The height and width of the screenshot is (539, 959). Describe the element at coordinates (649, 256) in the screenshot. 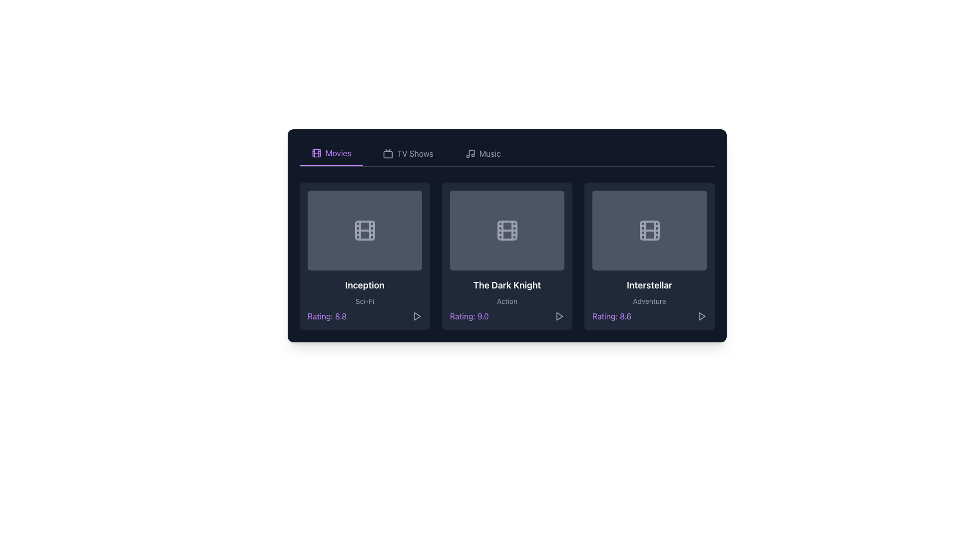

I see `the third movie card in the 'Movies' section, which displays the movie's title, genre, and rating` at that location.